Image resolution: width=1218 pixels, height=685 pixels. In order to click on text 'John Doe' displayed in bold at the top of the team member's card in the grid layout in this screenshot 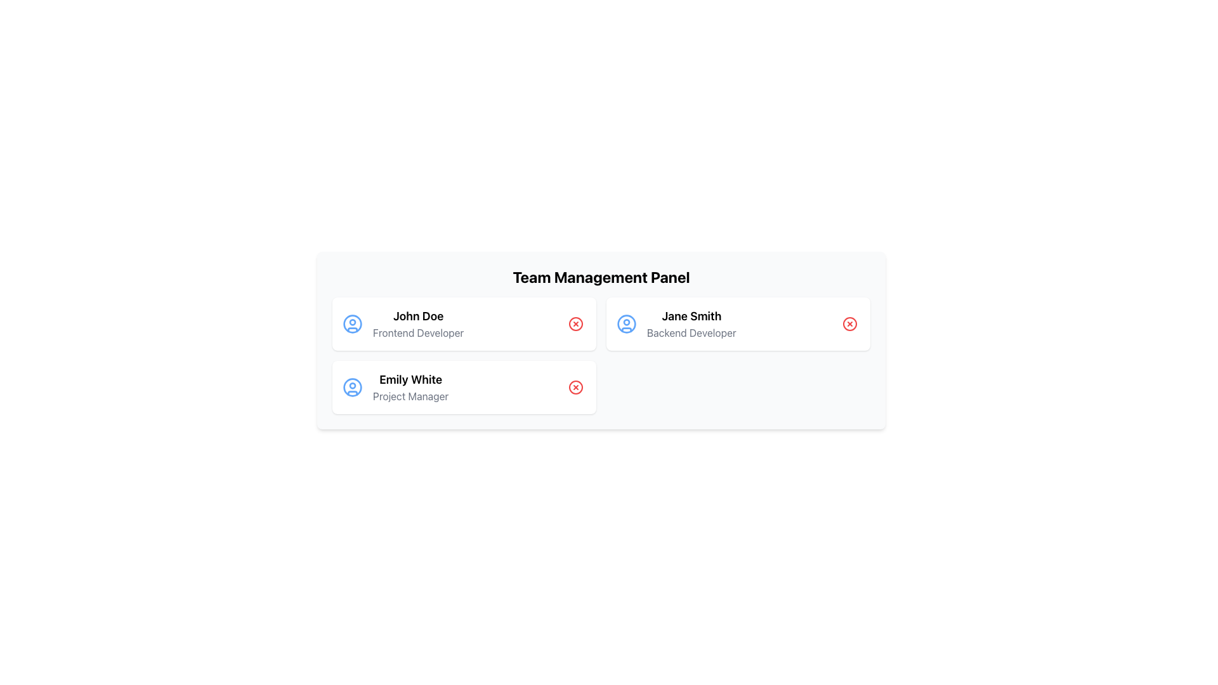, I will do `click(418, 315)`.